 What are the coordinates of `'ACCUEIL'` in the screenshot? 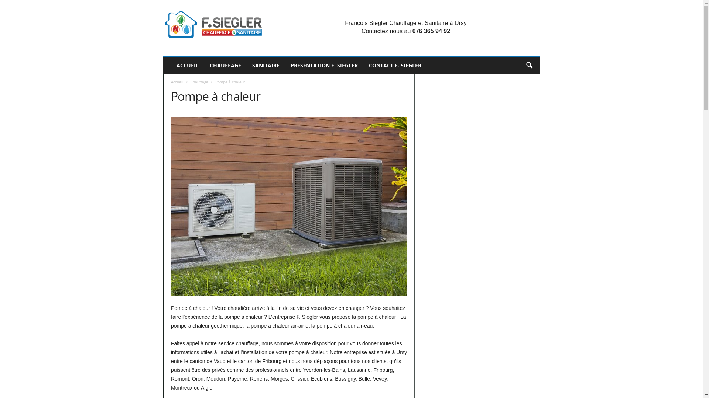 It's located at (188, 65).